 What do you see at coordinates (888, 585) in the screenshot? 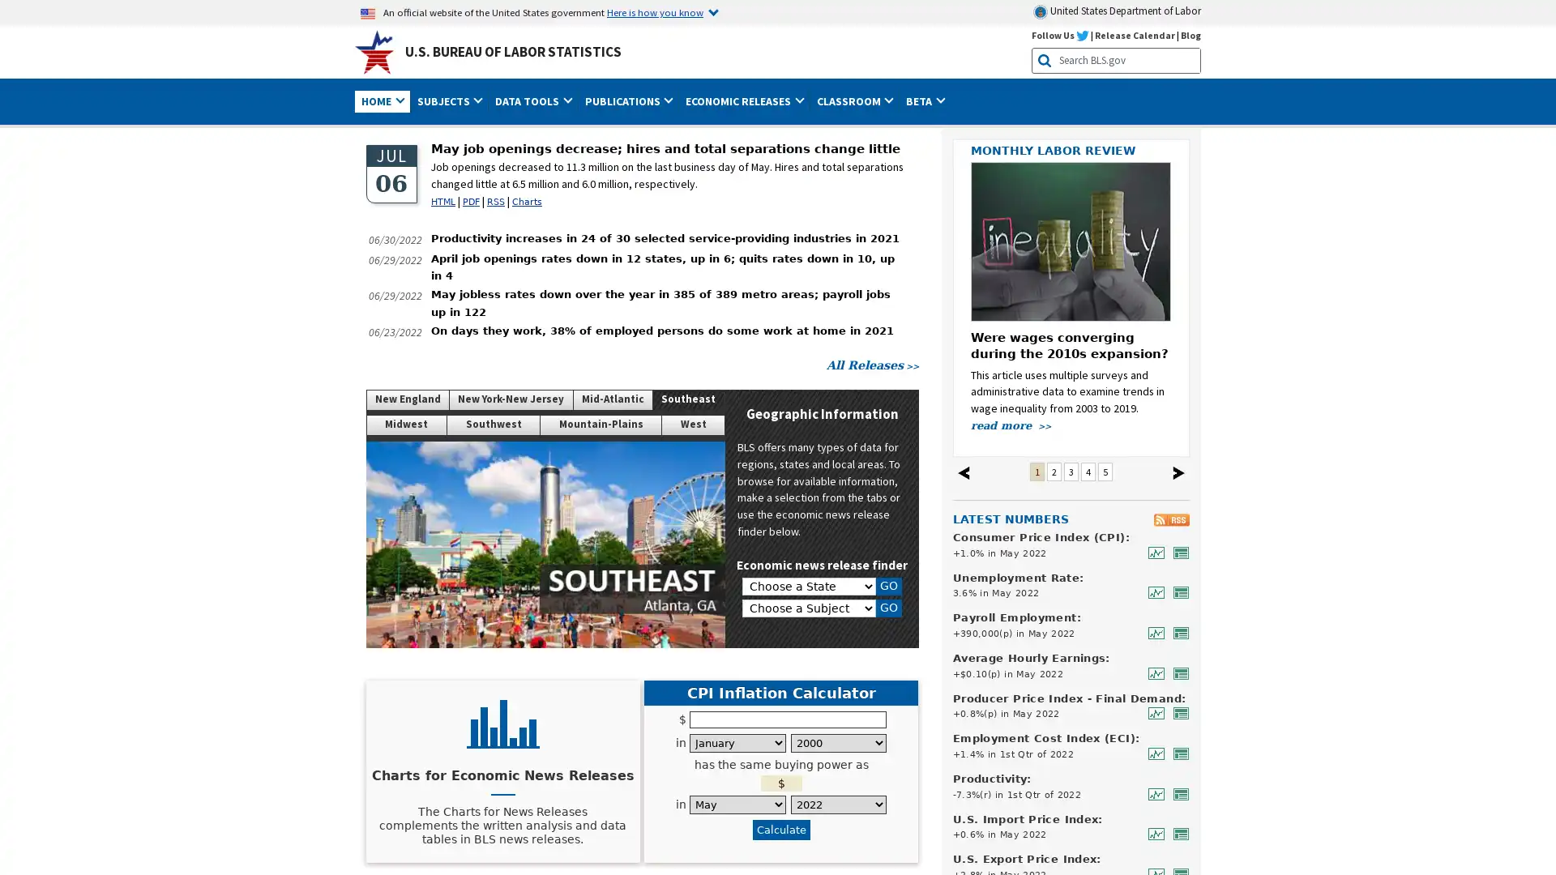
I see `GO` at bounding box center [888, 585].